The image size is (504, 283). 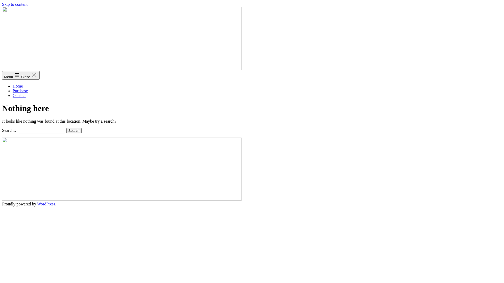 What do you see at coordinates (2, 4) in the screenshot?
I see `'Skip to content'` at bounding box center [2, 4].